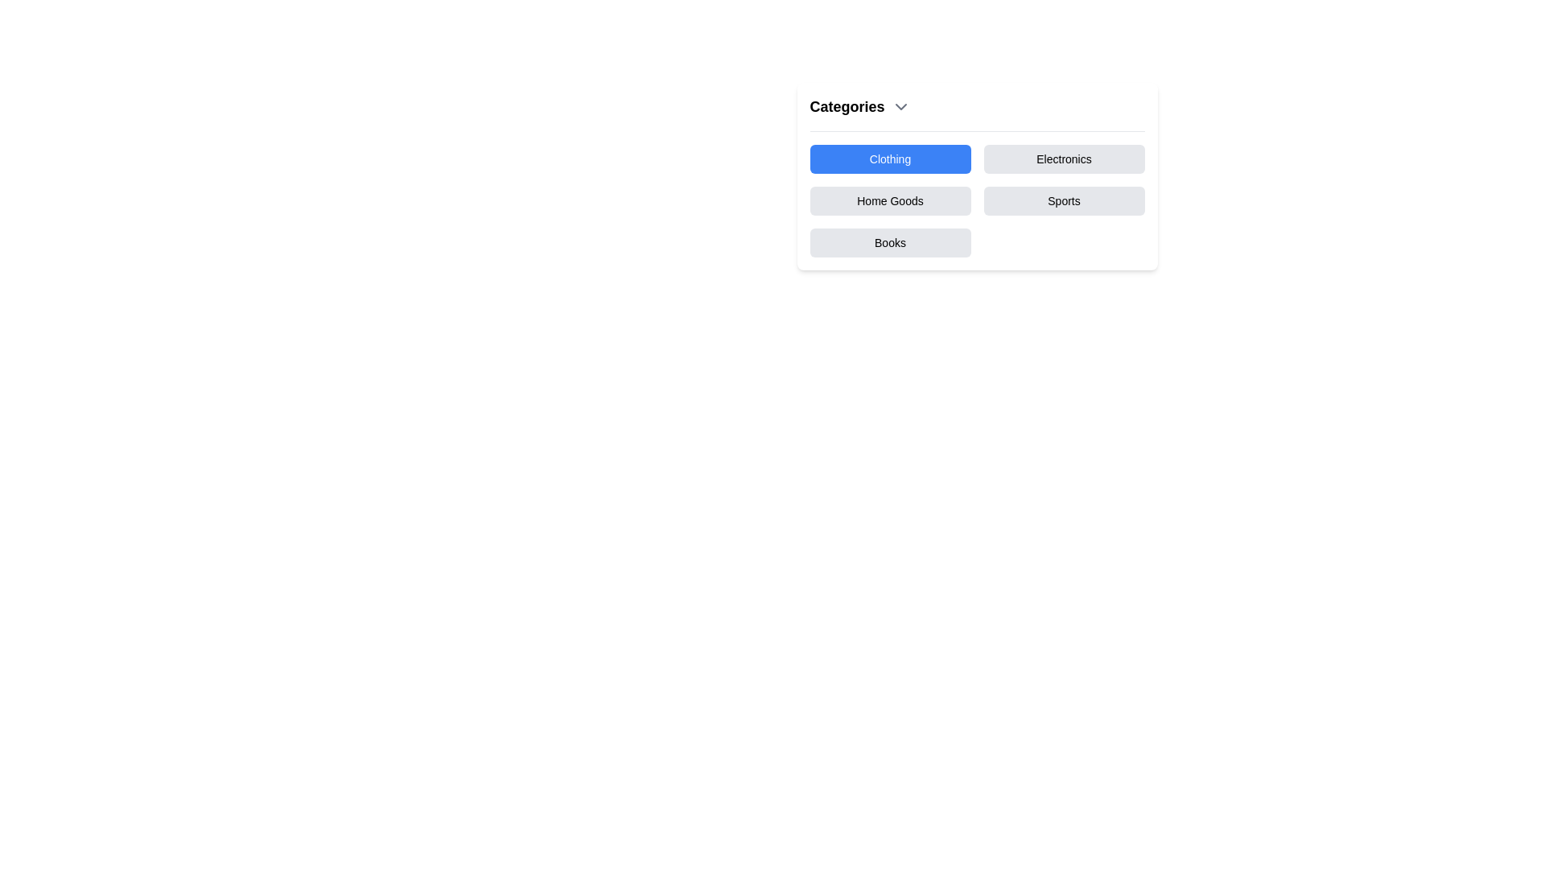  Describe the element at coordinates (889, 242) in the screenshot. I see `the last button in the second row and first column of the grid` at that location.